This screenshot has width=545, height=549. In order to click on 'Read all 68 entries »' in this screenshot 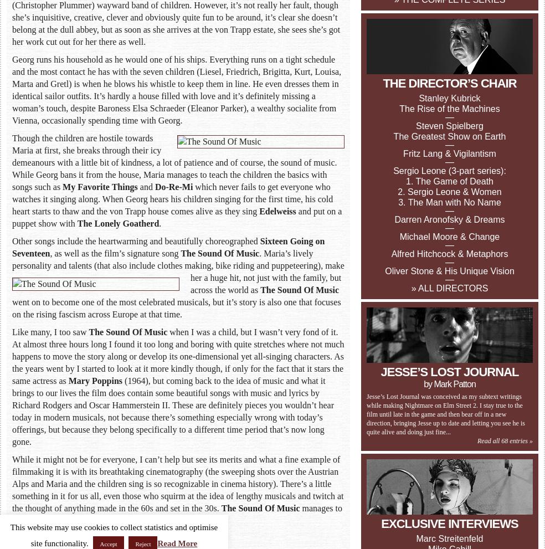, I will do `click(505, 440)`.